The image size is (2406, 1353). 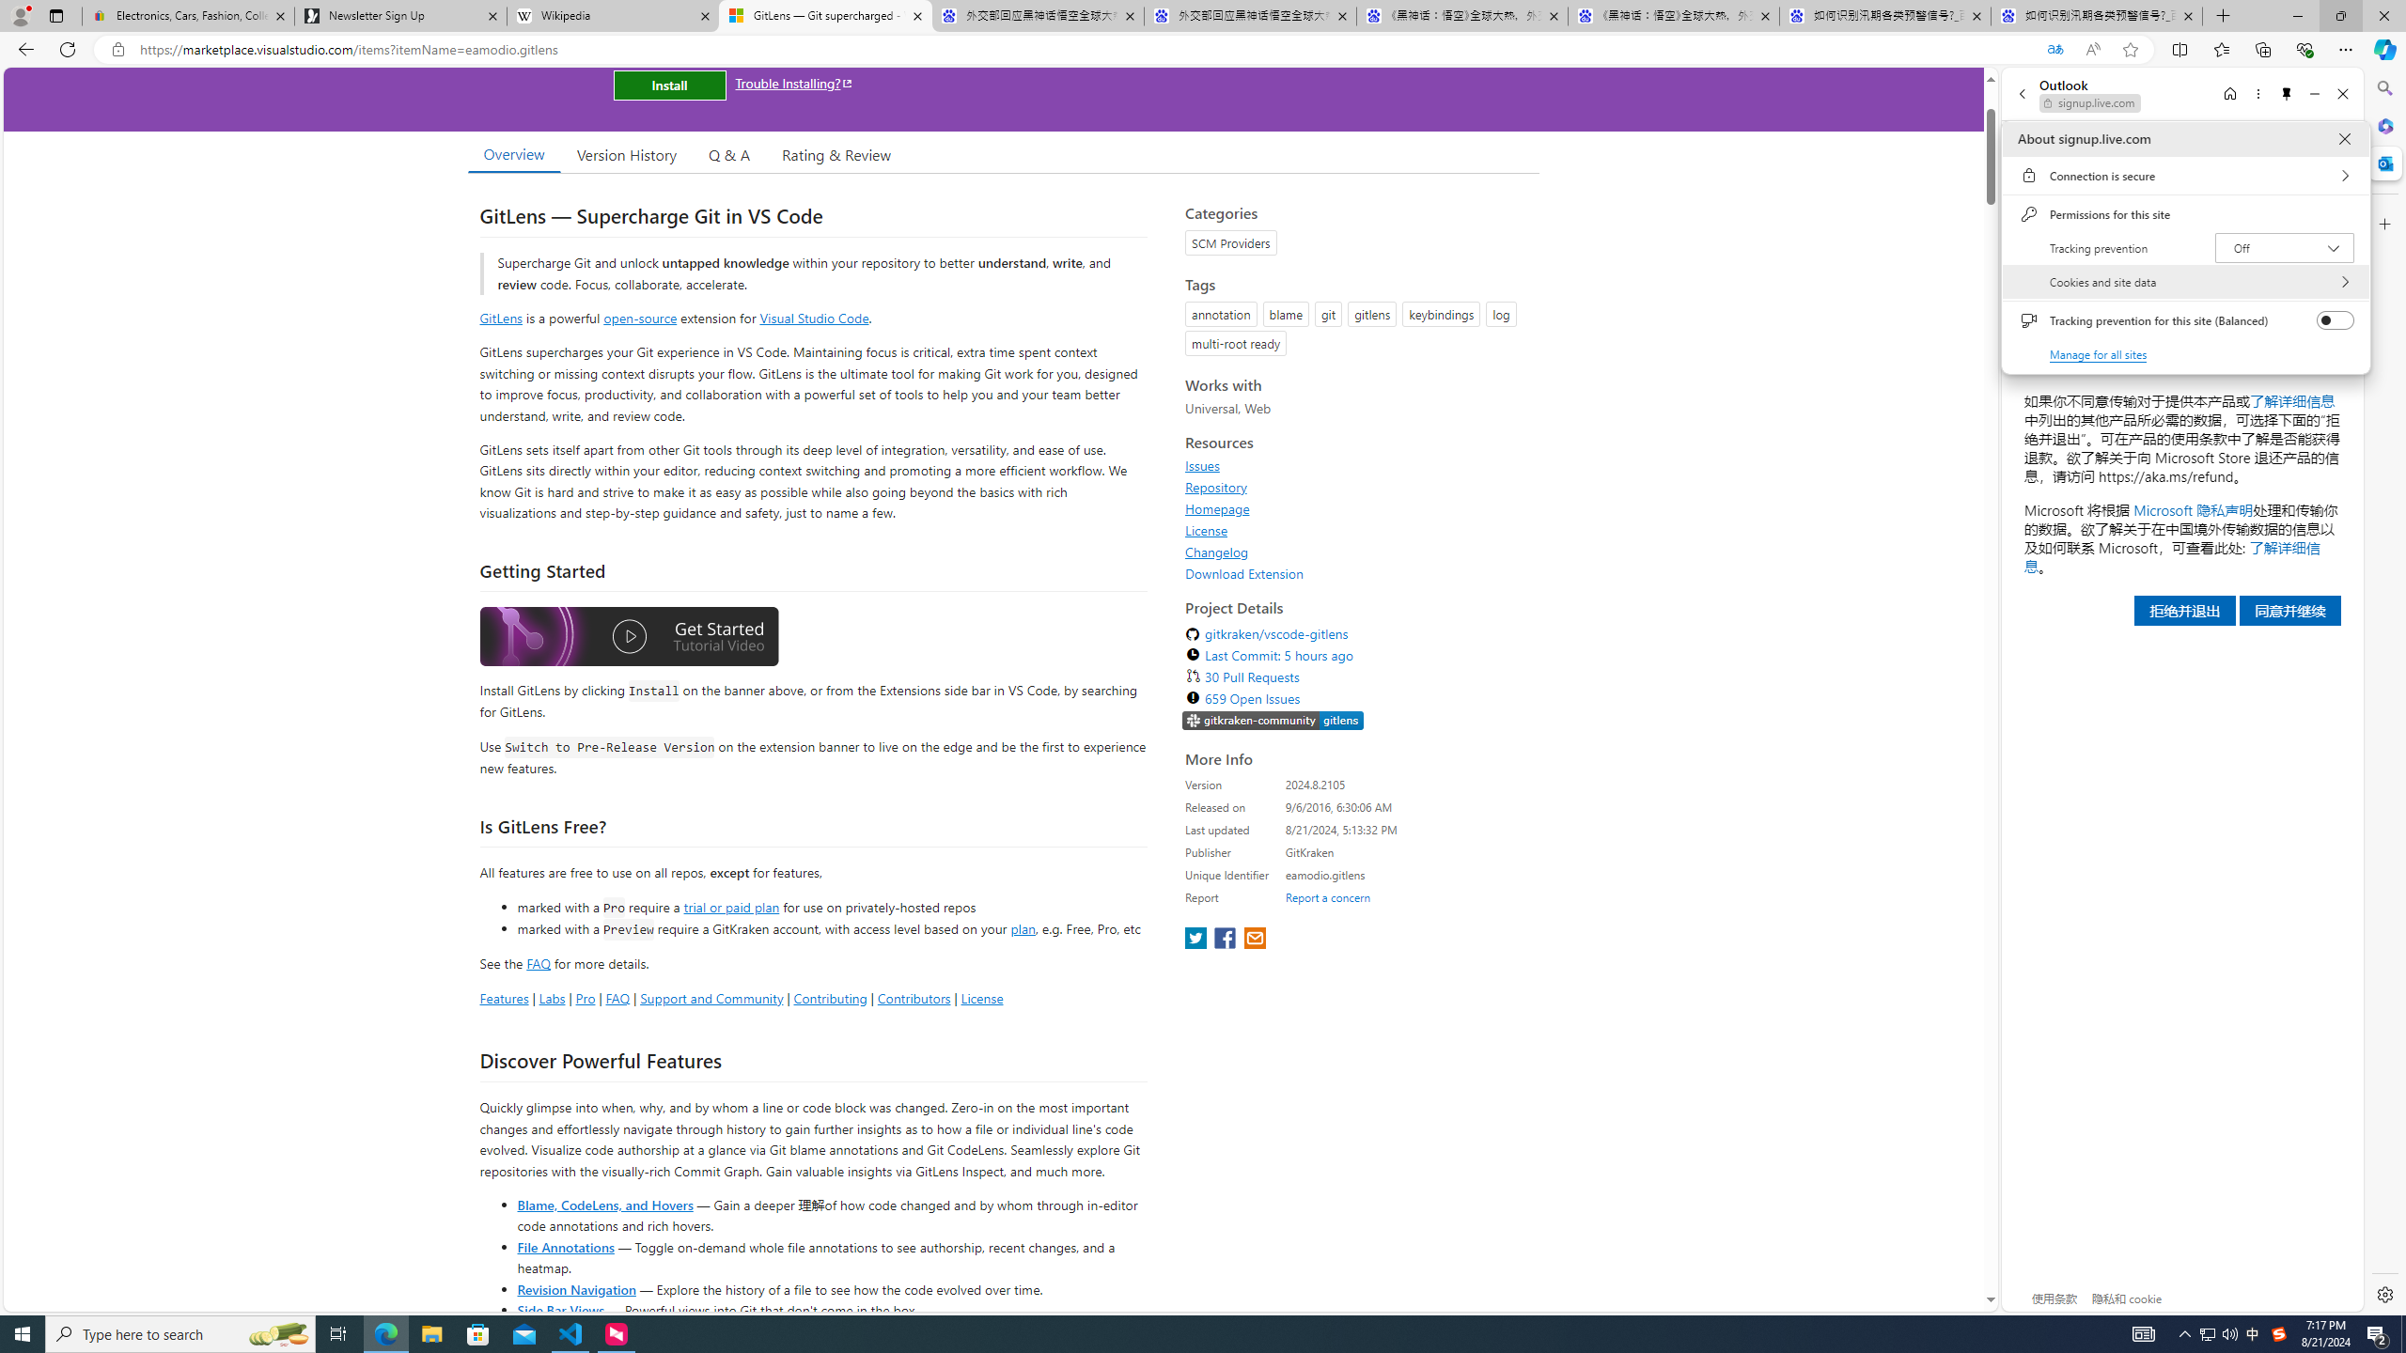 I want to click on 'Action Center, 2 new notifications', so click(x=2378, y=1332).